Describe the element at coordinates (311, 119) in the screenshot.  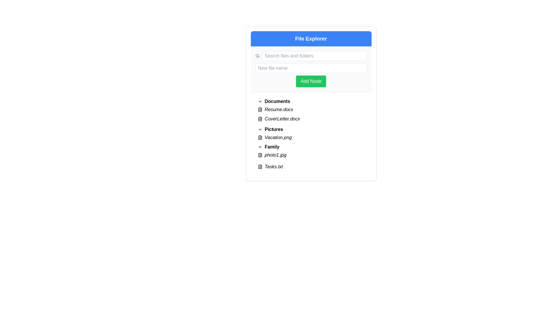
I see `the 'CoverLetter.docx' file entry in the Documents folder` at that location.